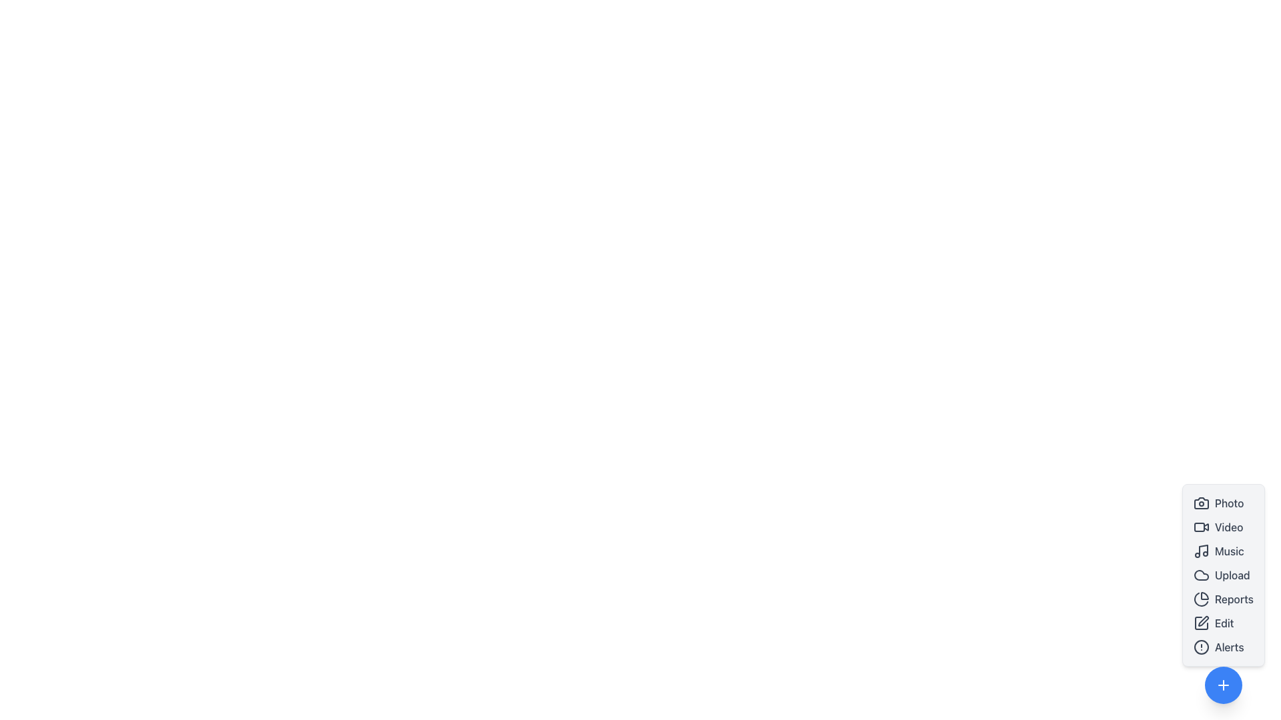 Image resolution: width=1281 pixels, height=720 pixels. What do you see at coordinates (1201, 503) in the screenshot?
I see `the camera icon located at the top of the vertical control panel on the far right of the interface` at bounding box center [1201, 503].